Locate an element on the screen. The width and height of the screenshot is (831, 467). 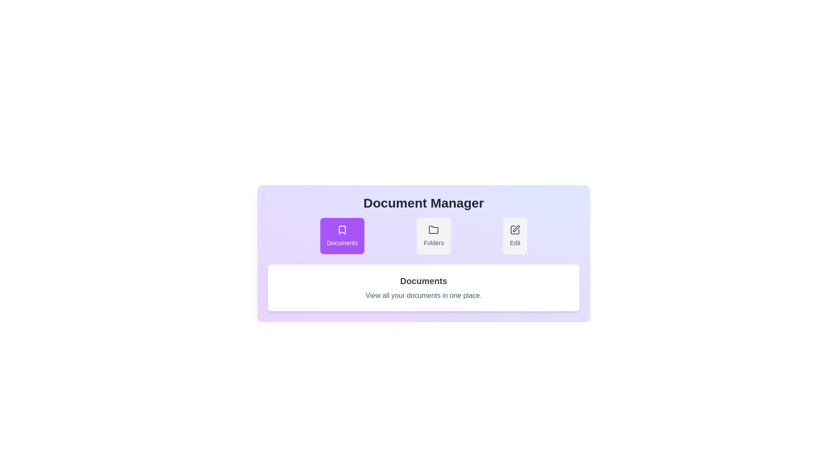
the bookmark icon within the 'Documents' button group, which is characterized by its triangular bottom corner and purple background is located at coordinates (342, 230).